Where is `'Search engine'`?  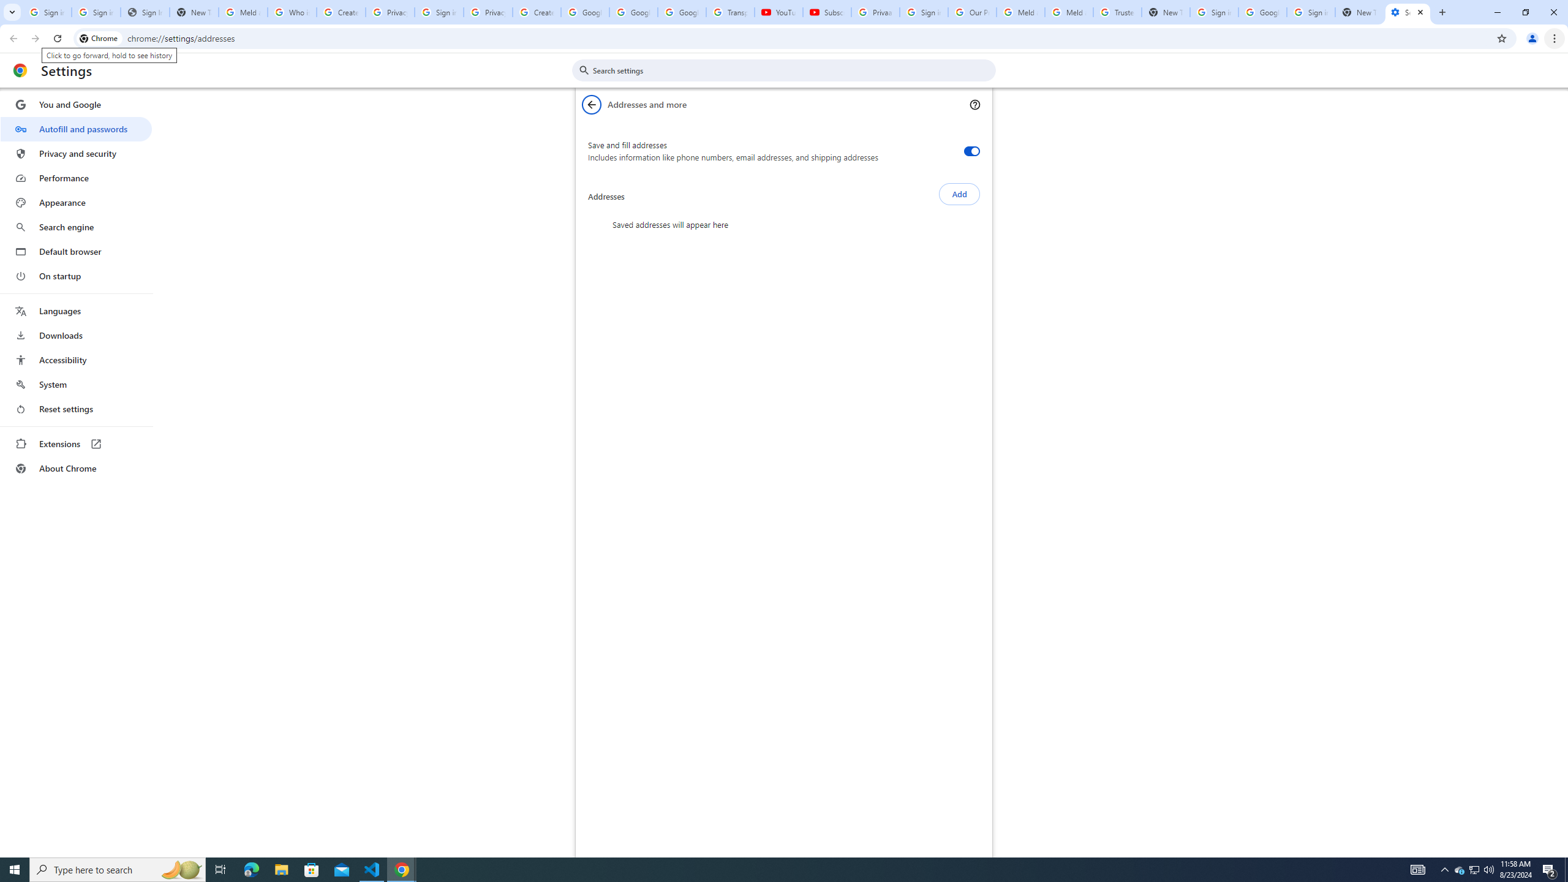 'Search engine' is located at coordinates (75, 227).